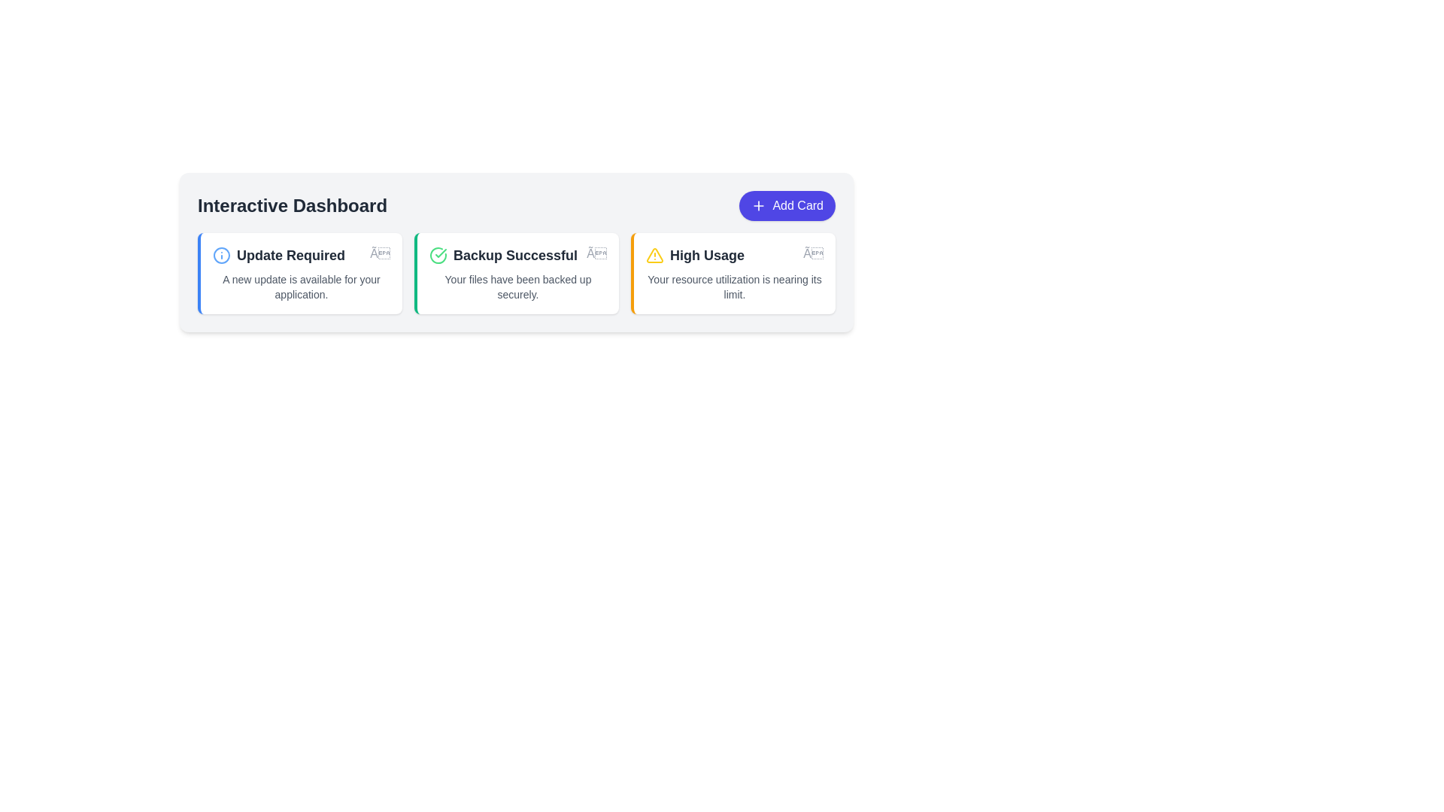 The image size is (1444, 812). Describe the element at coordinates (733, 273) in the screenshot. I see `text content of the Notification card that alerts the user about potential resource usage issues, positioned as the third card in the grid layout` at that location.